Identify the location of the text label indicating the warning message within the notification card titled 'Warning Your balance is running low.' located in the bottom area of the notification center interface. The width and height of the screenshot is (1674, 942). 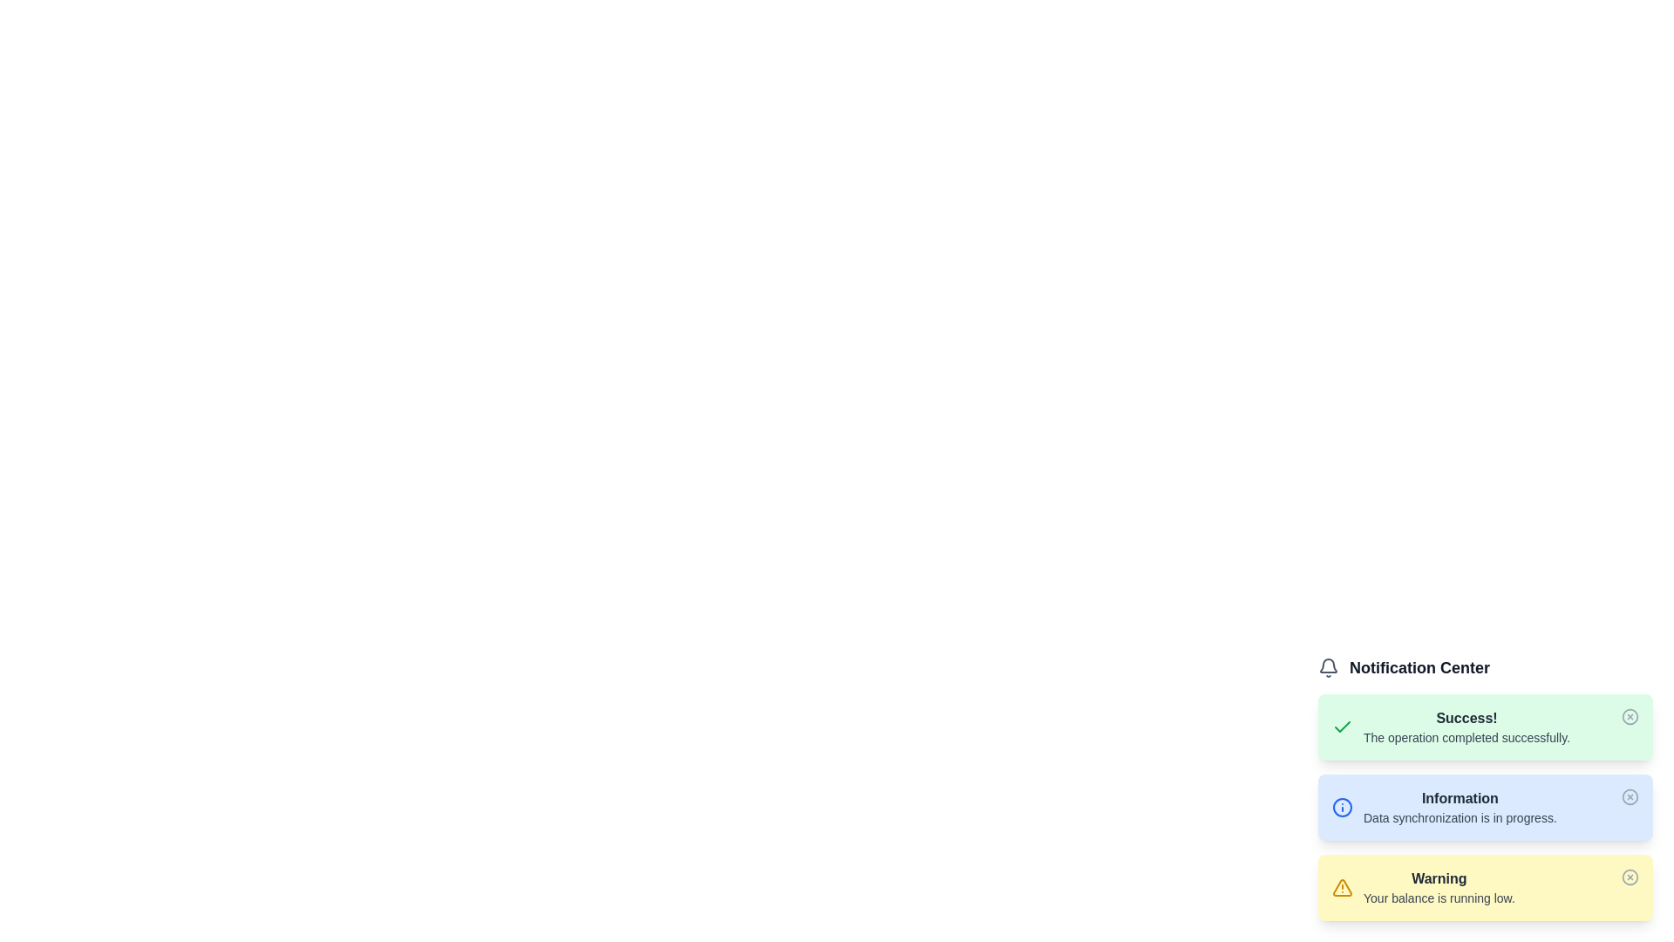
(1439, 878).